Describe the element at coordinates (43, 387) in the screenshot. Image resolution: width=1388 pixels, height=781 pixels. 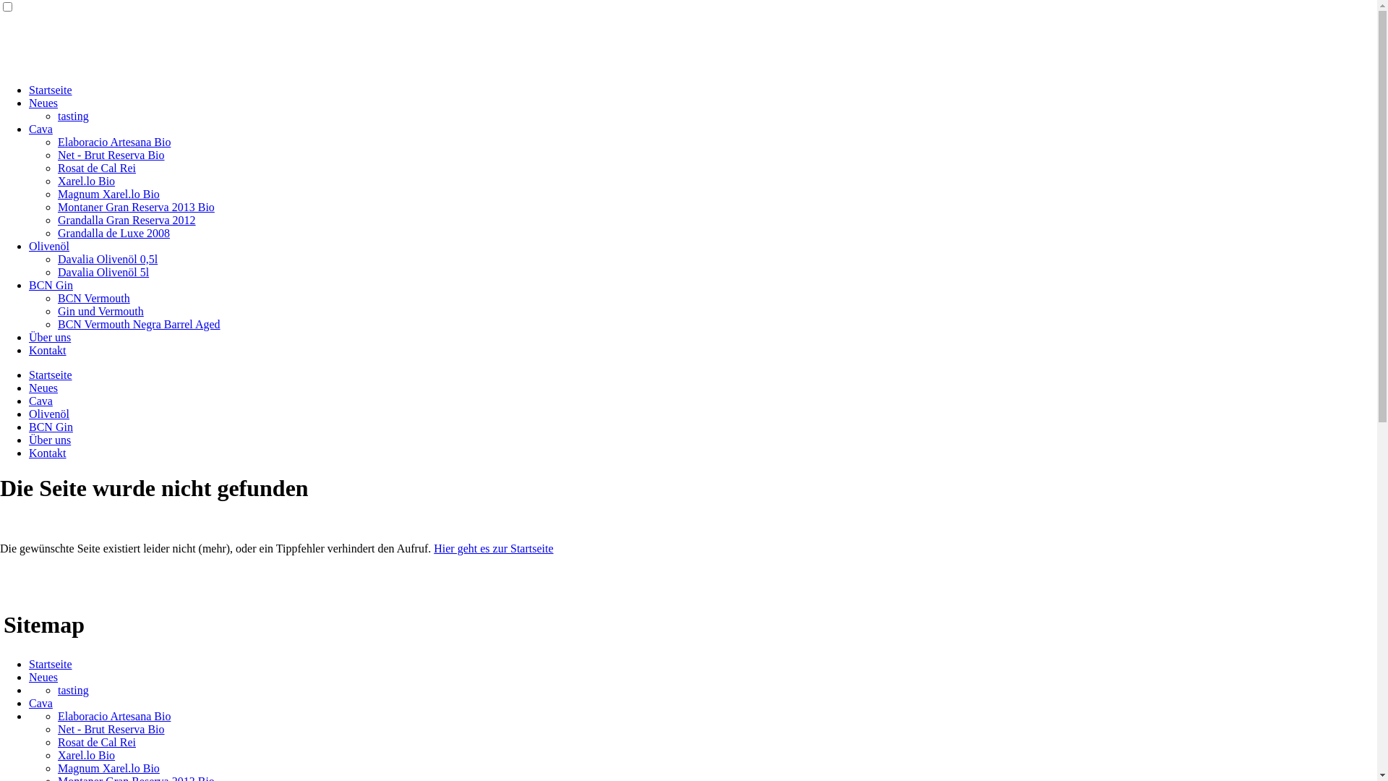
I see `'Neues'` at that location.